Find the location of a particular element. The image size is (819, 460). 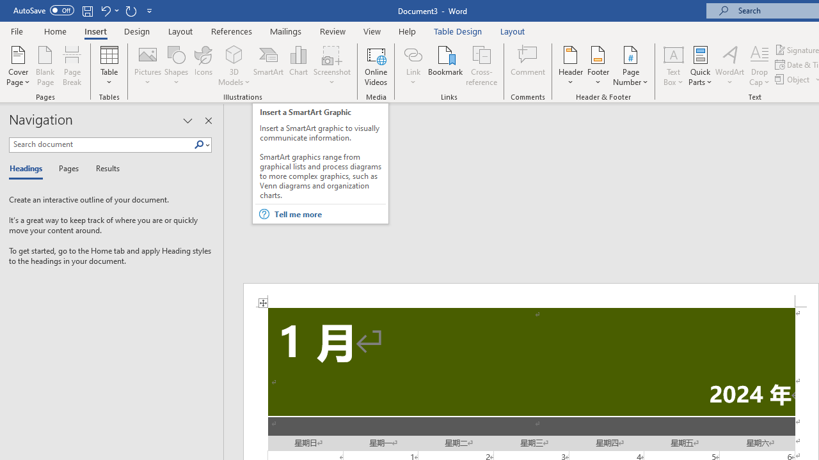

'Page Break' is located at coordinates (72, 66).